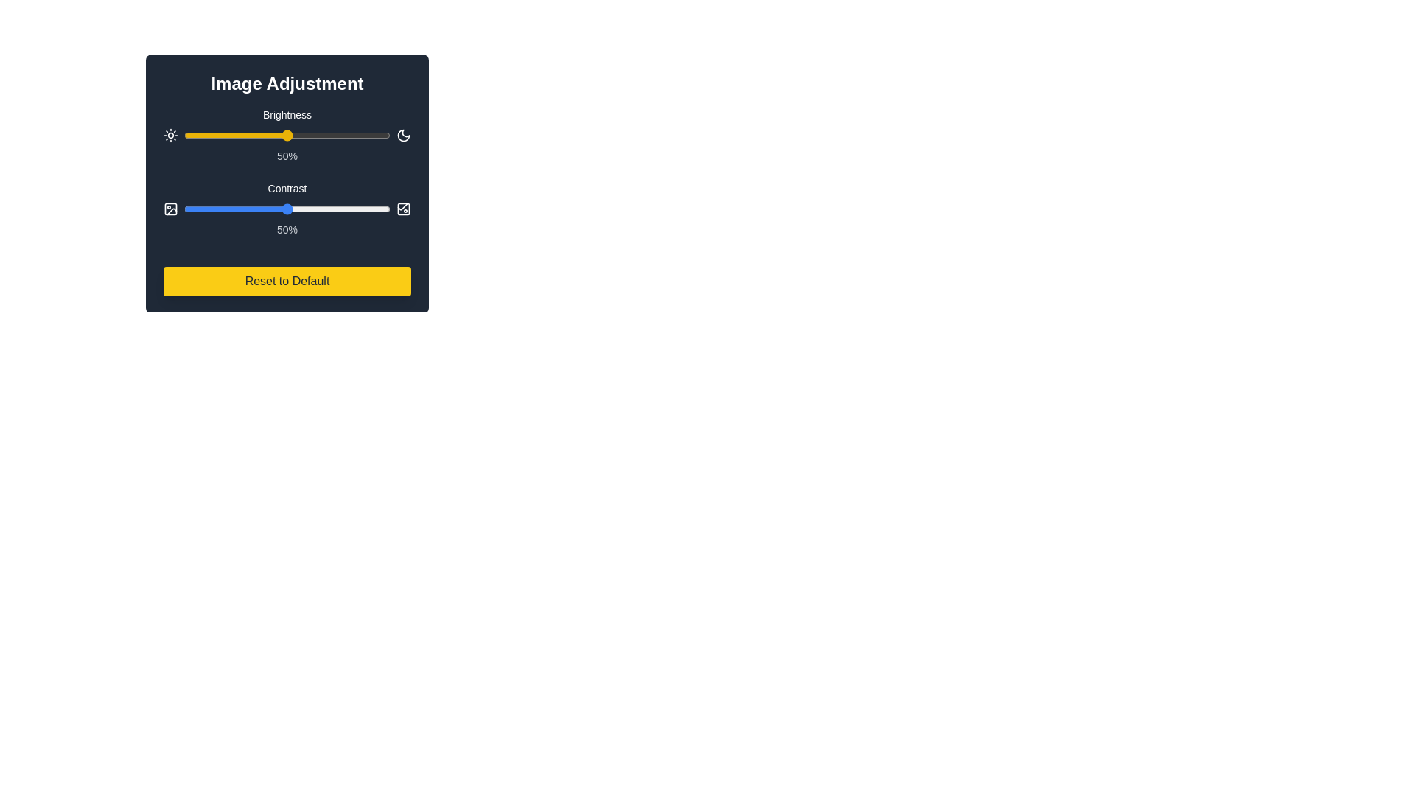 The image size is (1415, 796). What do you see at coordinates (225, 209) in the screenshot?
I see `the contrast level` at bounding box center [225, 209].